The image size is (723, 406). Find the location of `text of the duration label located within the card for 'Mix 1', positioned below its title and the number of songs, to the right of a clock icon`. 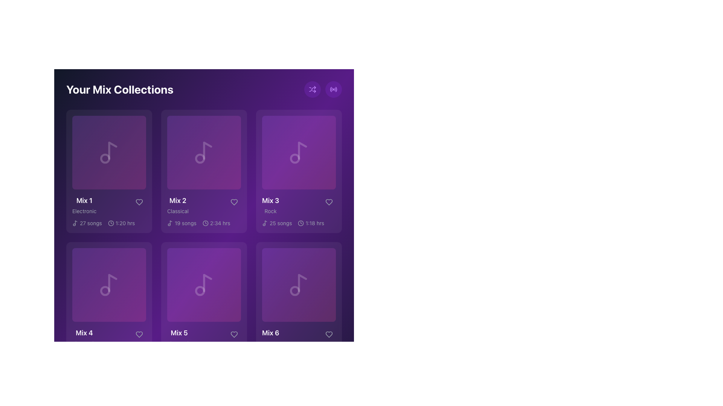

text of the duration label located within the card for 'Mix 1', positioned below its title and the number of songs, to the right of a clock icon is located at coordinates (125, 223).